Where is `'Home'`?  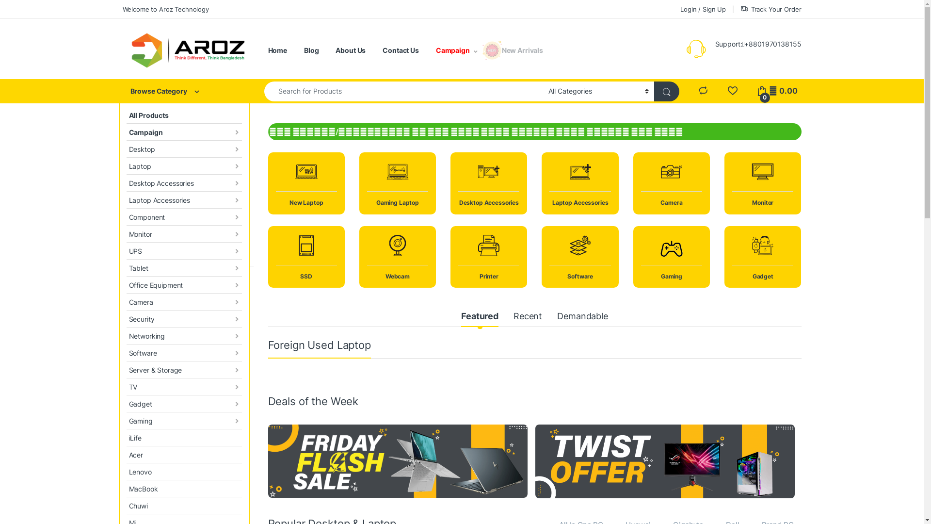
'Home' is located at coordinates (276, 50).